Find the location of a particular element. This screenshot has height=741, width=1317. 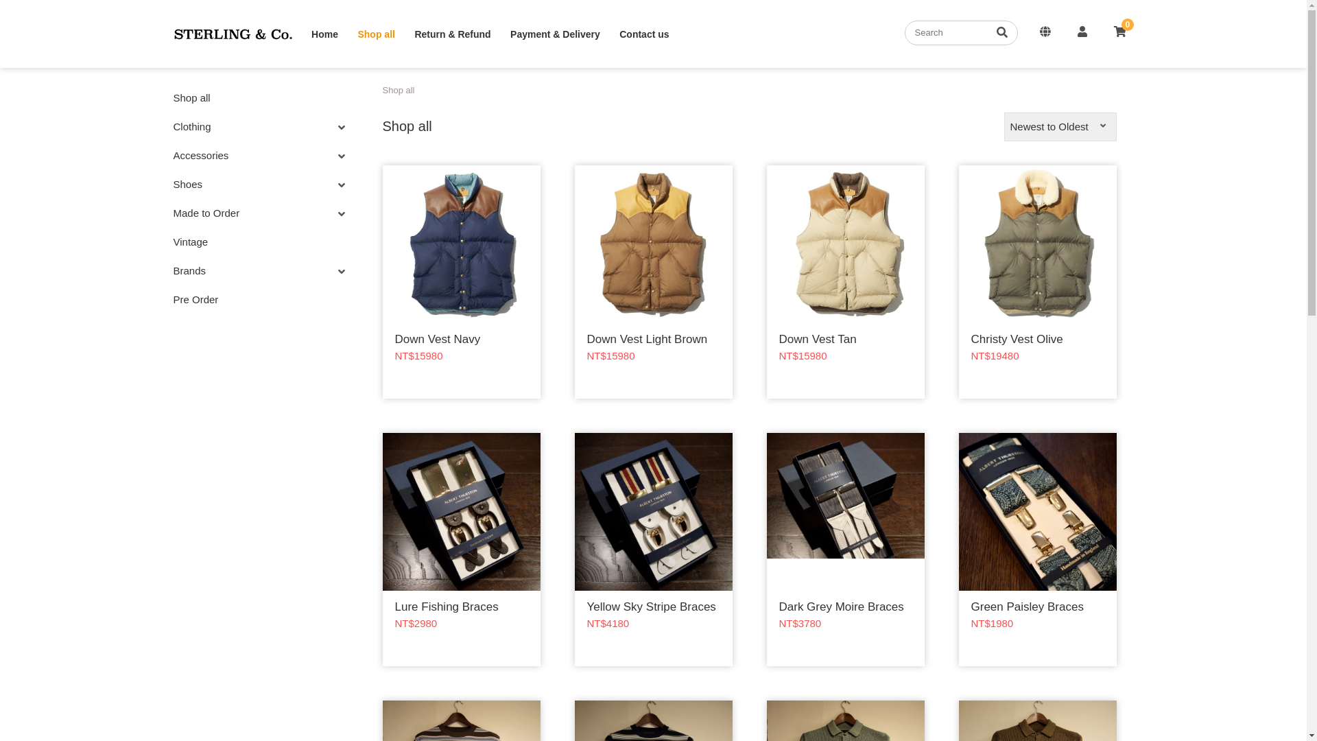

'Payment & Delivery' is located at coordinates (555, 34).